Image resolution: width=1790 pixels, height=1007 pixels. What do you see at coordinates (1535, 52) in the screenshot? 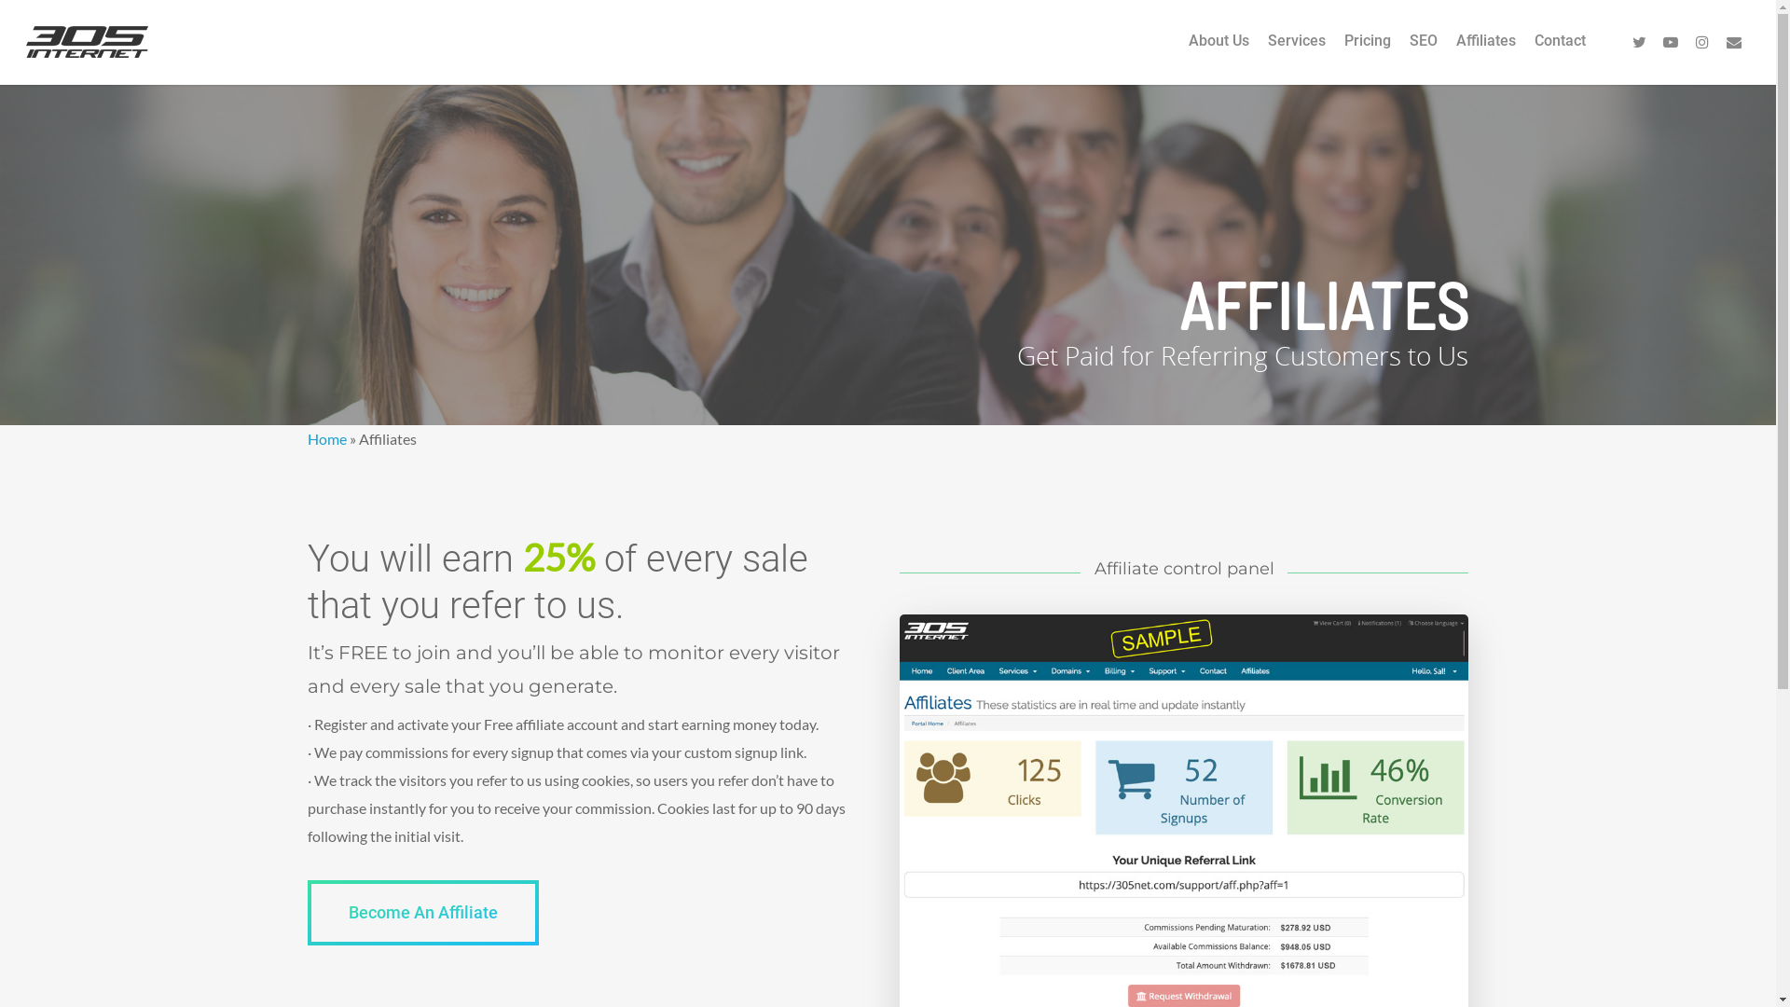
I see `'Contact'` at bounding box center [1535, 52].